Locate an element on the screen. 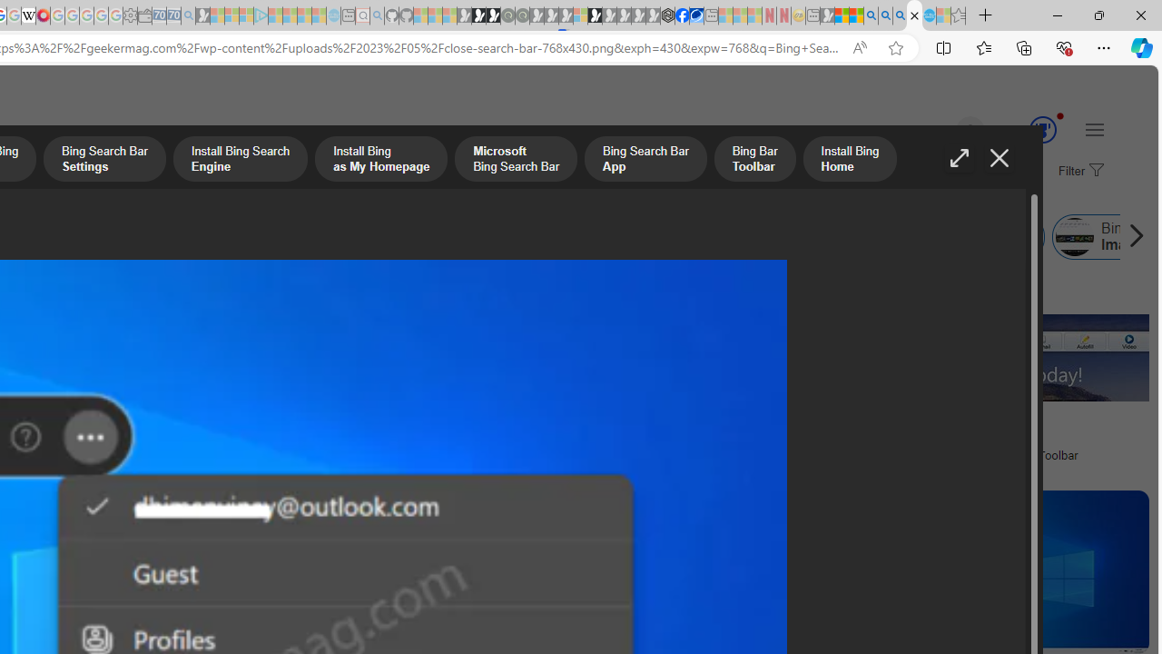 The height and width of the screenshot is (654, 1162). 'Bing Search Bar Settings' is located at coordinates (103, 160).